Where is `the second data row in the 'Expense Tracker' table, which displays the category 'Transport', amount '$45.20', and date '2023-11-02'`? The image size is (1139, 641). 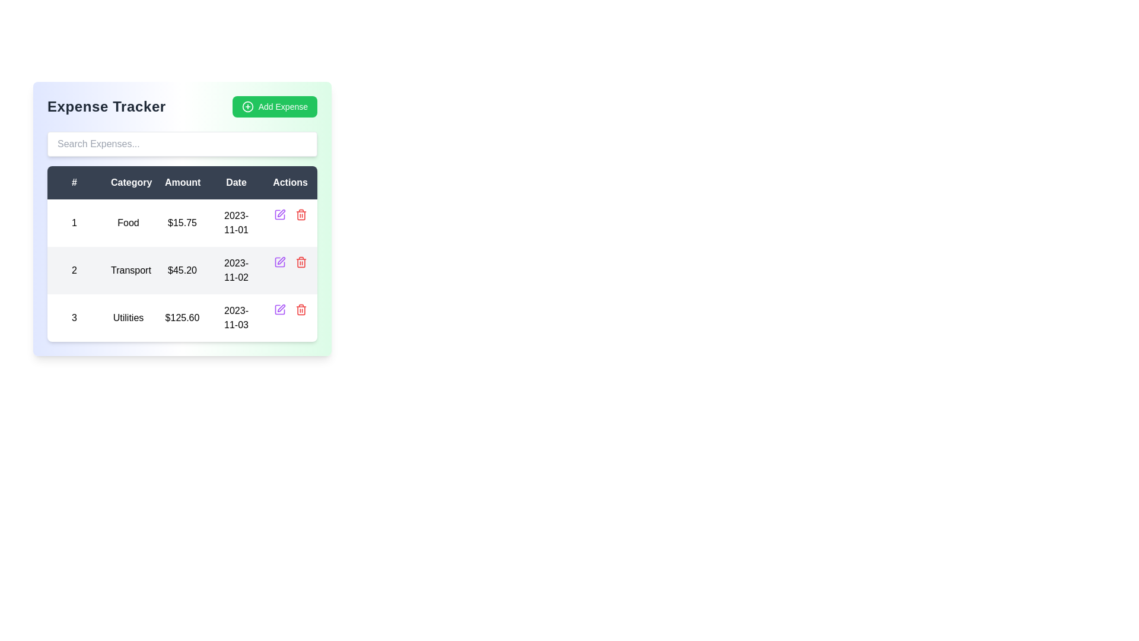 the second data row in the 'Expense Tracker' table, which displays the category 'Transport', amount '$45.20', and date '2023-11-02' is located at coordinates (182, 270).